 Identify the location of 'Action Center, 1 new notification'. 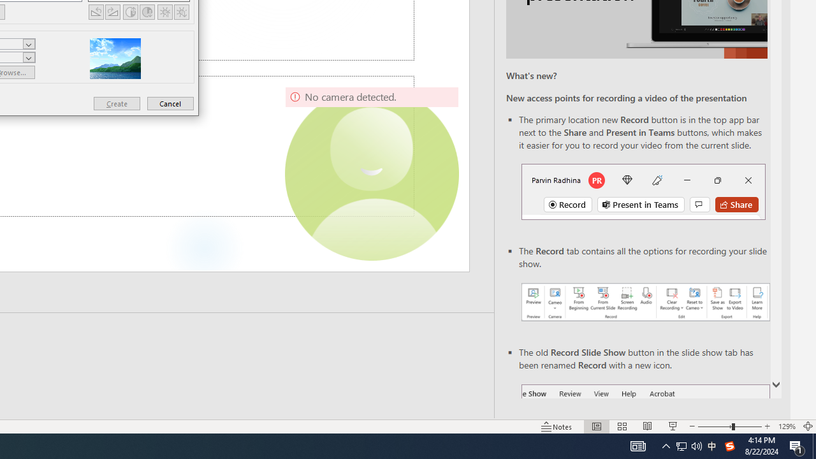
(797, 445).